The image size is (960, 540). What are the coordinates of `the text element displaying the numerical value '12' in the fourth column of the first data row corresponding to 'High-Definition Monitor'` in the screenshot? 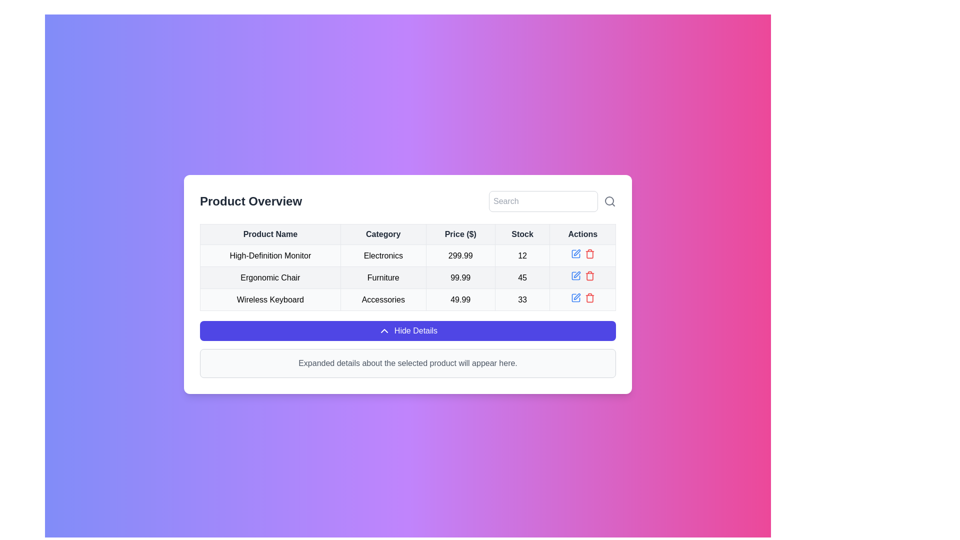 It's located at (522, 255).